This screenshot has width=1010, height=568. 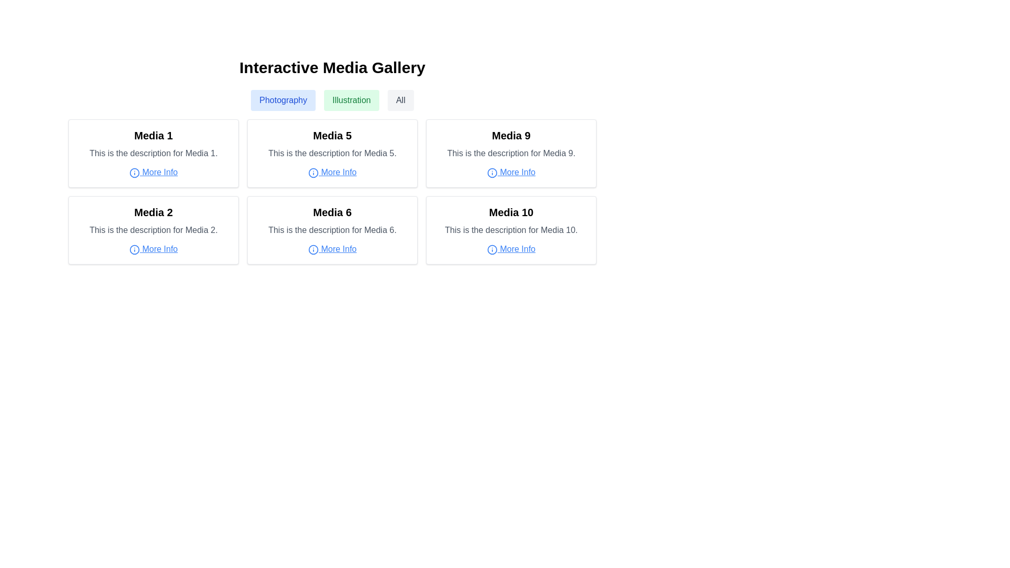 What do you see at coordinates (332, 230) in the screenshot?
I see `the text label providing a brief description of the item titled 'Media 6', located in the second column and second row of the grid, beneath the title 'Media 6' and above the 'More Info' link` at bounding box center [332, 230].